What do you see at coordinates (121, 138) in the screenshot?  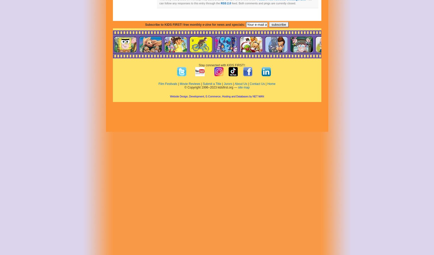 I see `'January 2020'` at bounding box center [121, 138].